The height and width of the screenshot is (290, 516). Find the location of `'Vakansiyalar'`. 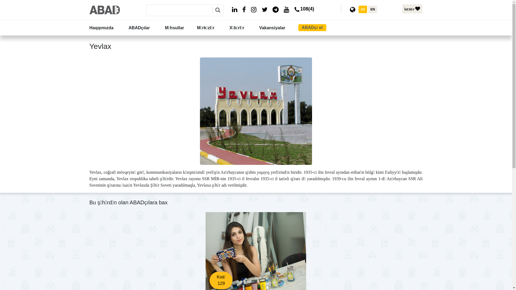

'Vakansiyalar' is located at coordinates (278, 28).